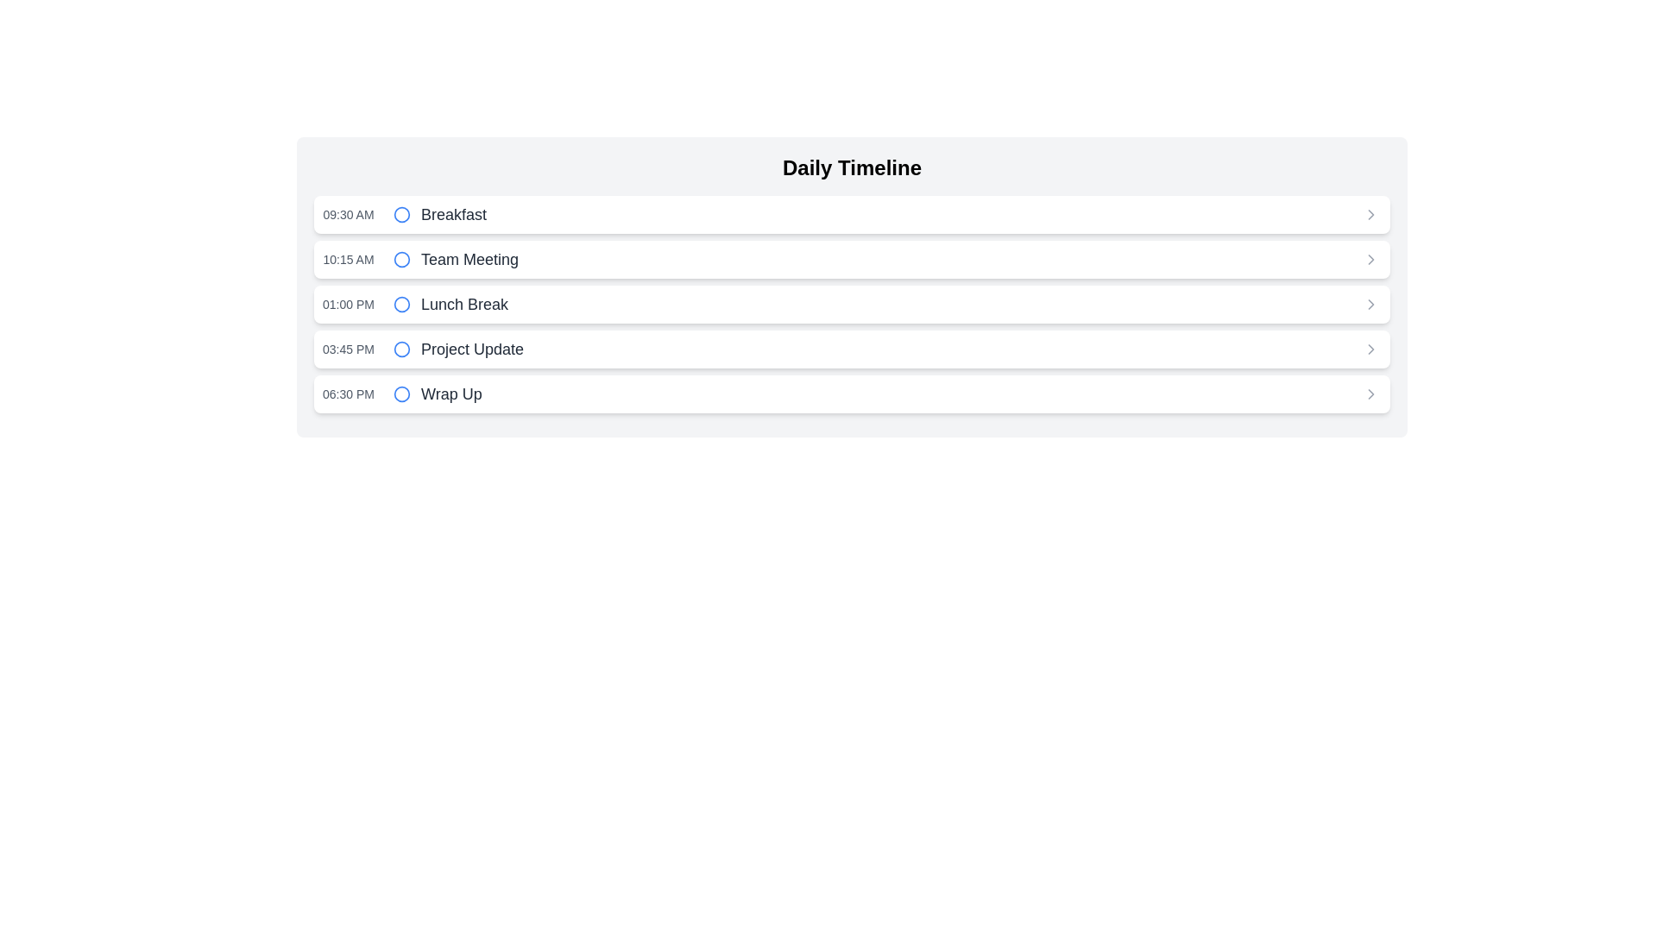  Describe the element at coordinates (451, 394) in the screenshot. I see `static text element titled 'Wrap Up' located in the '06:30 PM' row of the timeline interface, which is positioned right-aligned to the circular icon` at that location.